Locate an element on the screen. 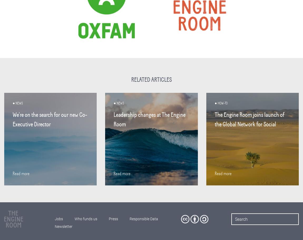 Image resolution: width=303 pixels, height=240 pixels. 'Press' is located at coordinates (113, 219).